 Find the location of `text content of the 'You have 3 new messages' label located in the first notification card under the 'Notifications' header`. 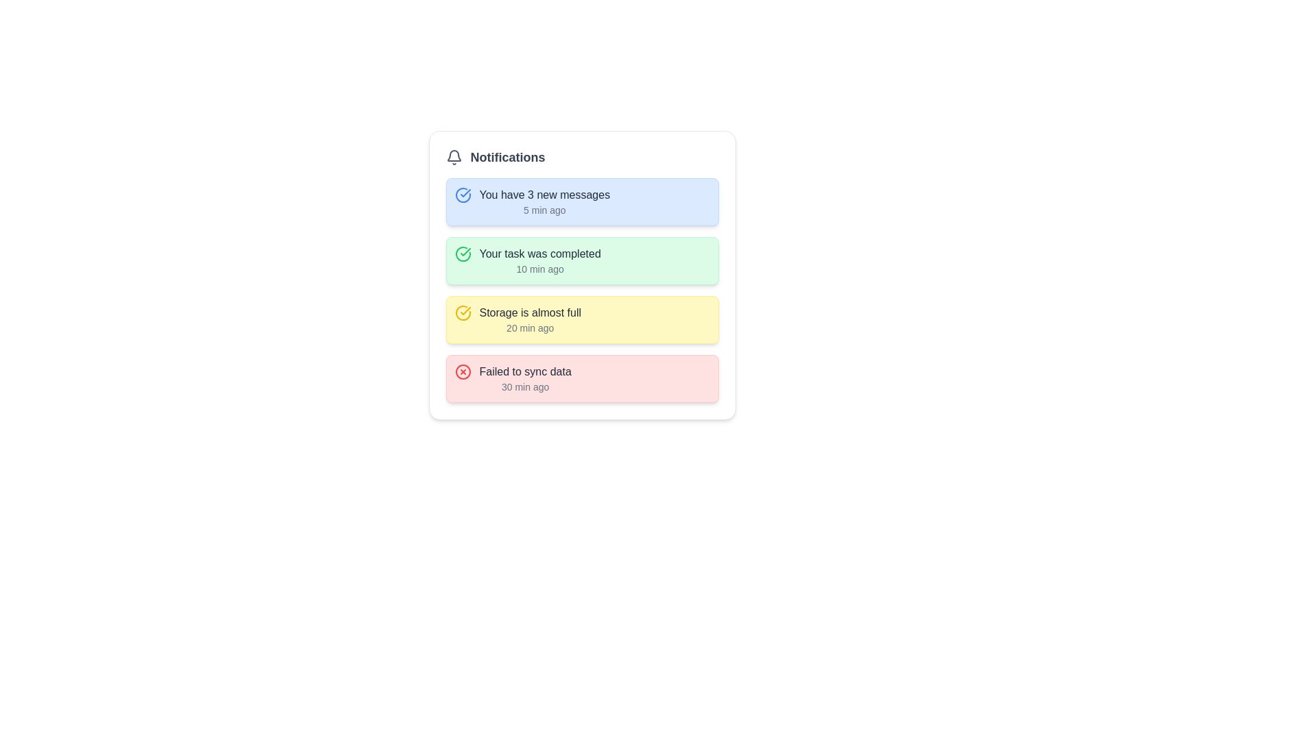

text content of the 'You have 3 new messages' label located in the first notification card under the 'Notifications' header is located at coordinates (544, 195).